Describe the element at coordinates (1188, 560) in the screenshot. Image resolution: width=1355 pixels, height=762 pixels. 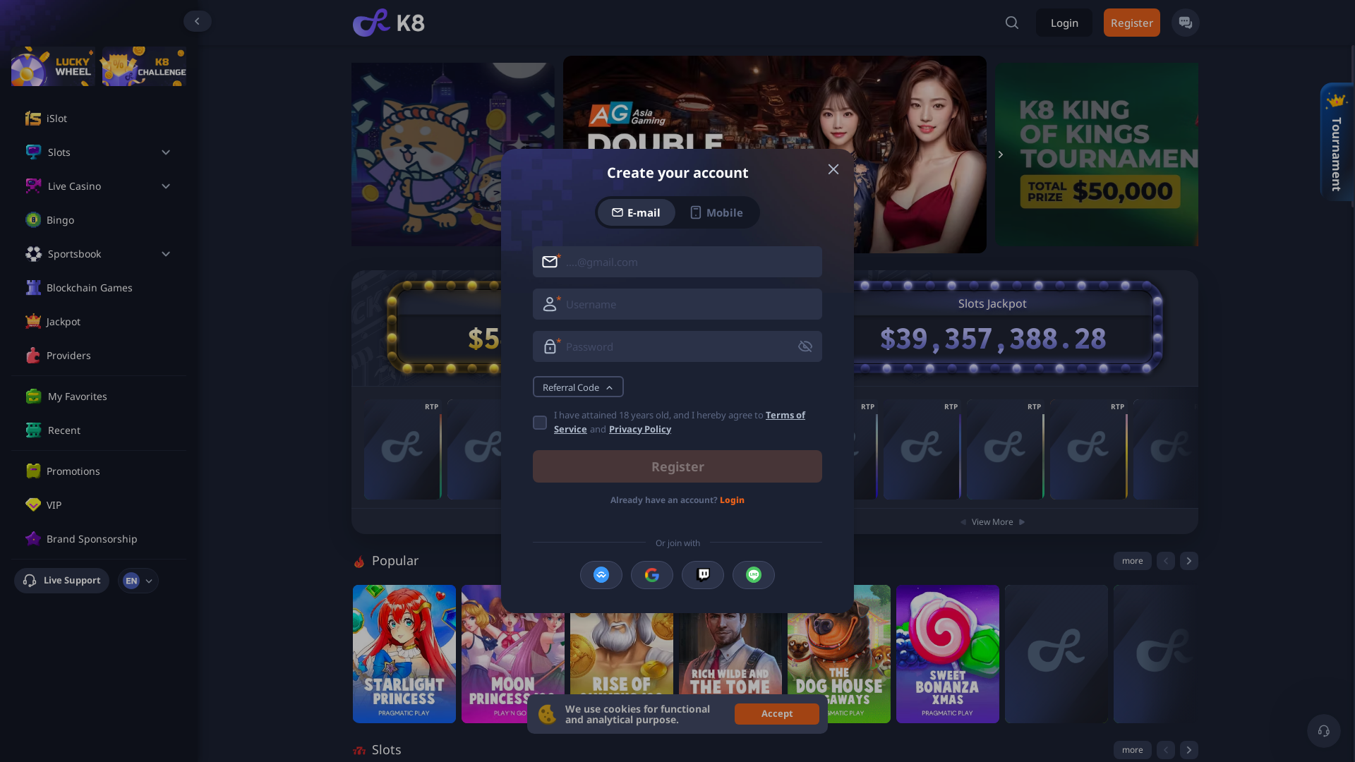
I see `'next'` at that location.